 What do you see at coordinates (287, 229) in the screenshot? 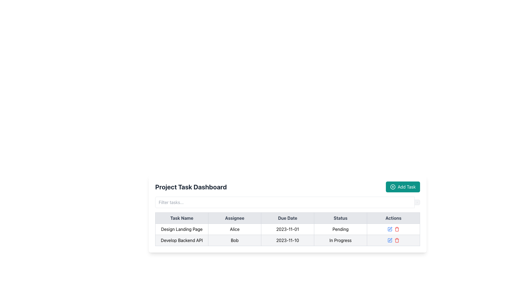
I see `the Static Text element displaying the date '2023-11-01', which is located in the third cell of the first data row of a table in the 'Due Date' column, positioned beside 'Alice' in the 'Assignee' column and before 'Pending' in the 'Status' column` at bounding box center [287, 229].